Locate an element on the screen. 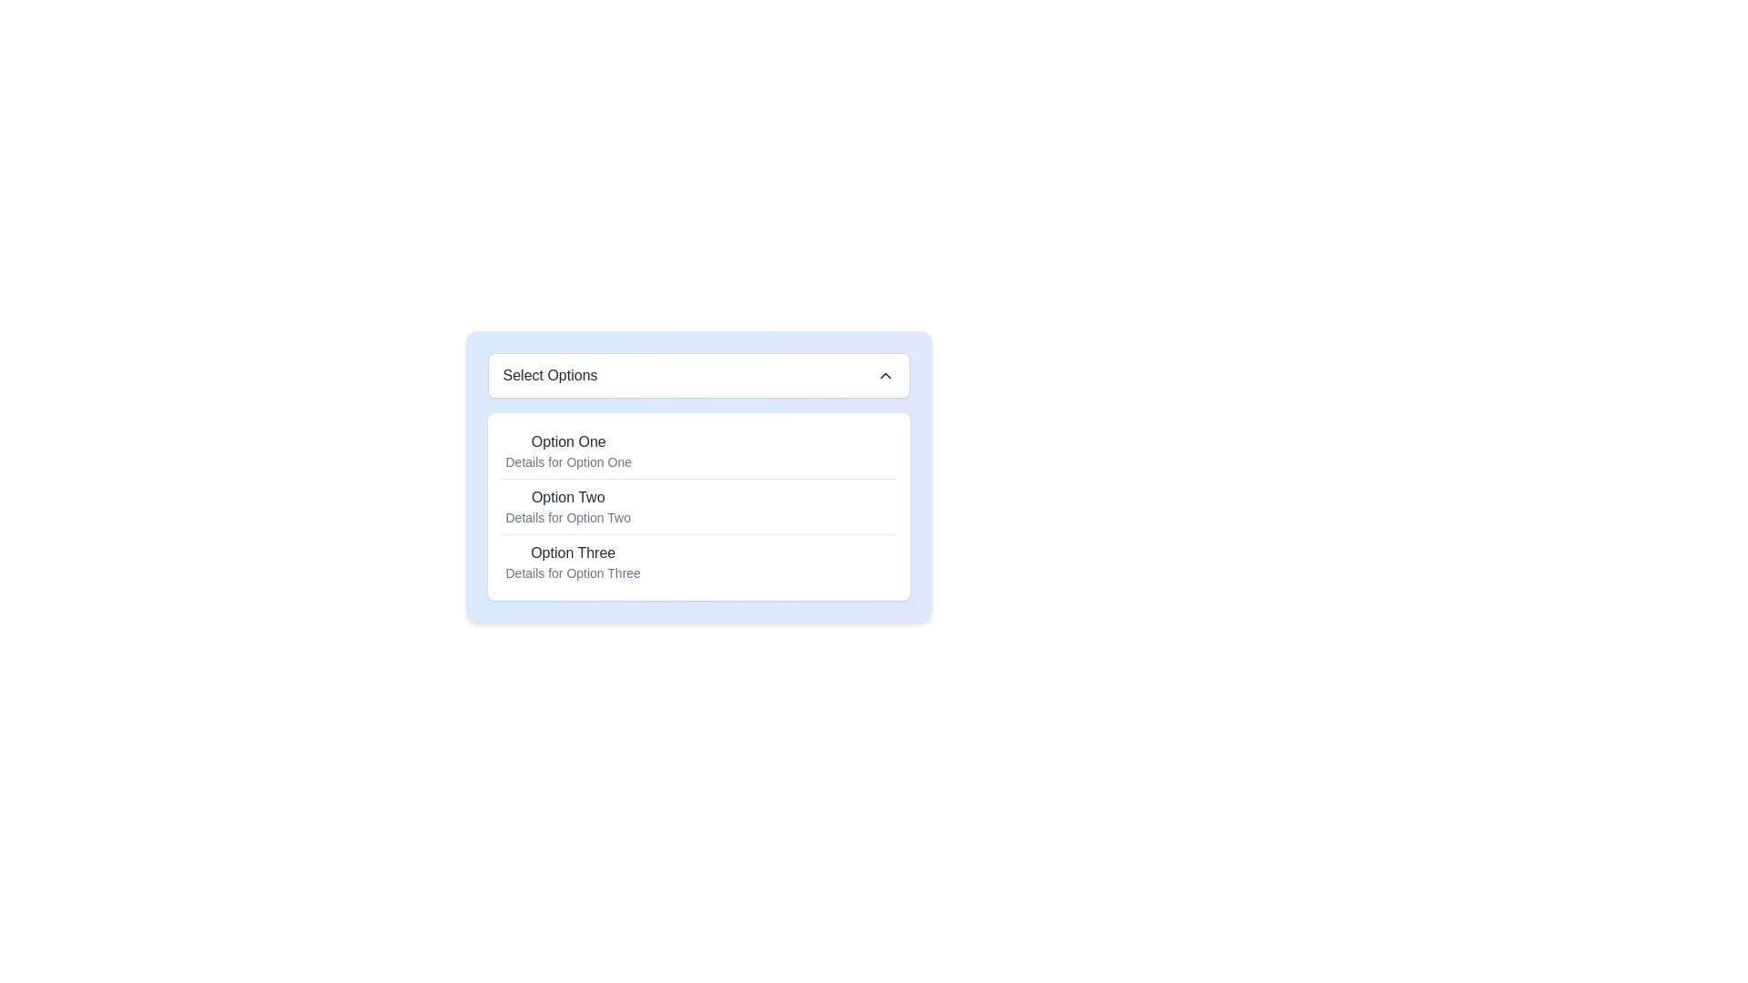 This screenshot has width=1748, height=983. the descriptive subtitle element located directly below the 'Option Two' text within the drop-down list is located at coordinates (567, 518).